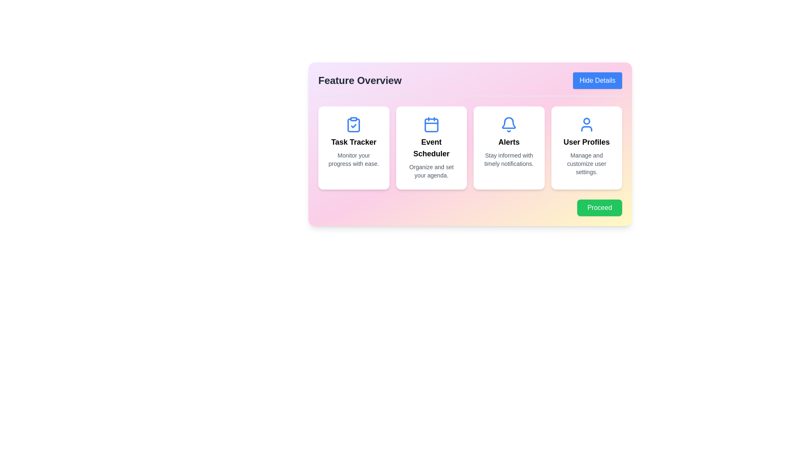 The height and width of the screenshot is (449, 799). What do you see at coordinates (509, 147) in the screenshot?
I see `the Alerts feature card` at bounding box center [509, 147].